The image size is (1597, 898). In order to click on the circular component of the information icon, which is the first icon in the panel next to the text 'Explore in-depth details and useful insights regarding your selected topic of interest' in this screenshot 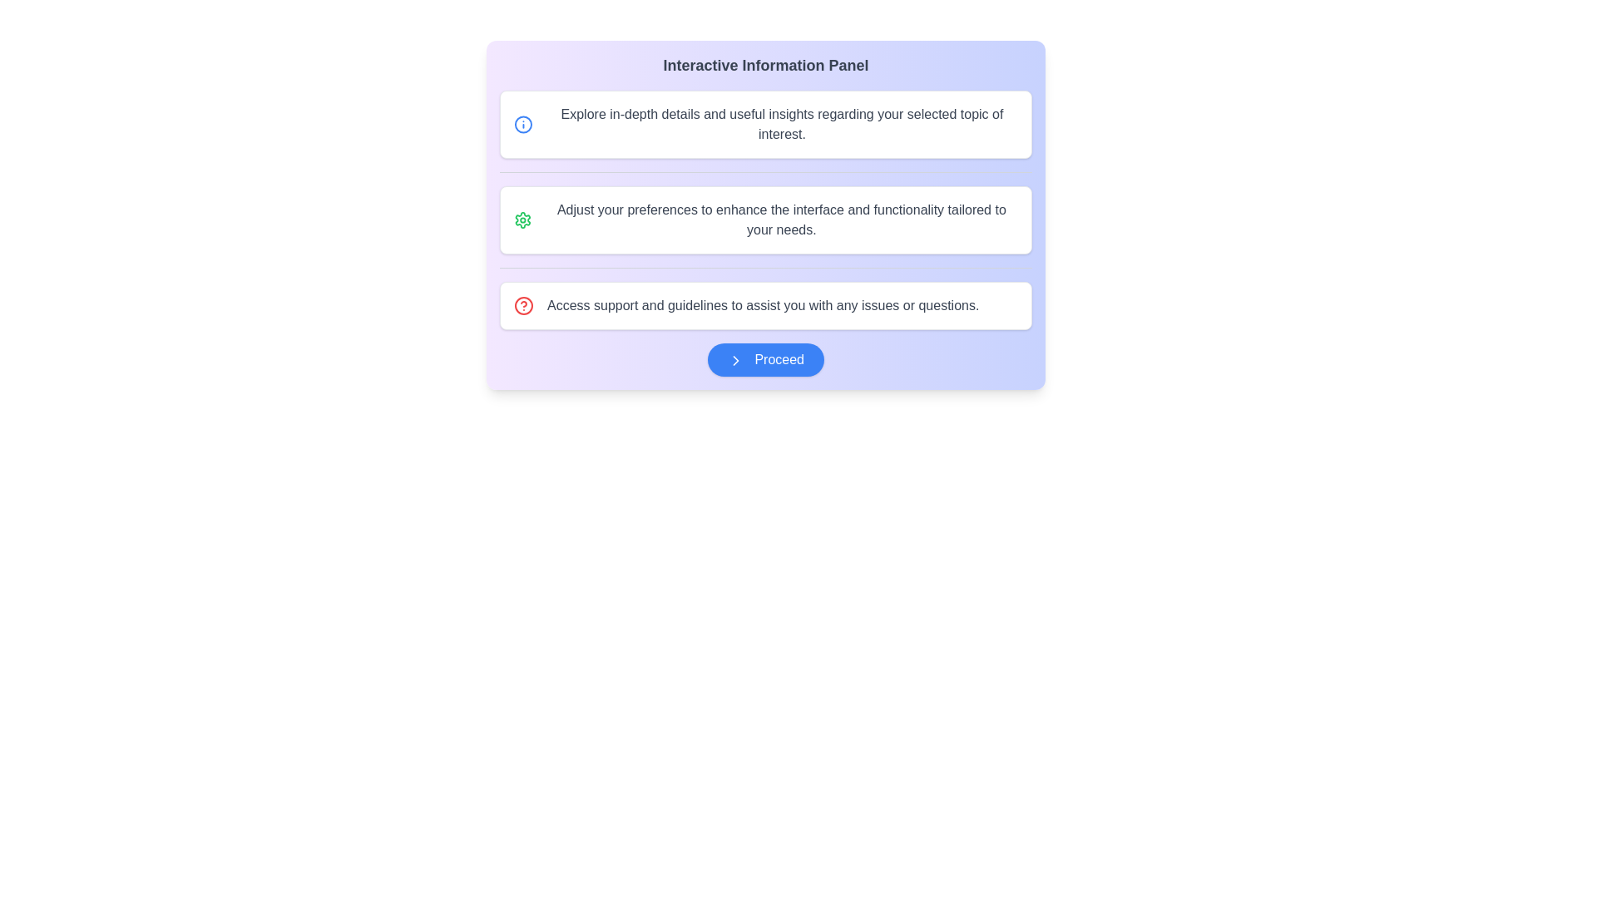, I will do `click(522, 124)`.